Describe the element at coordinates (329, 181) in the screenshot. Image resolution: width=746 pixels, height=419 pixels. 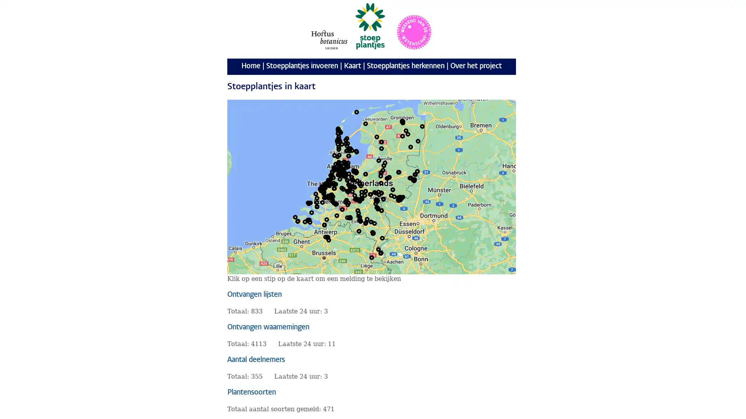
I see `Telling van Demi op 21 juni 2022` at that location.